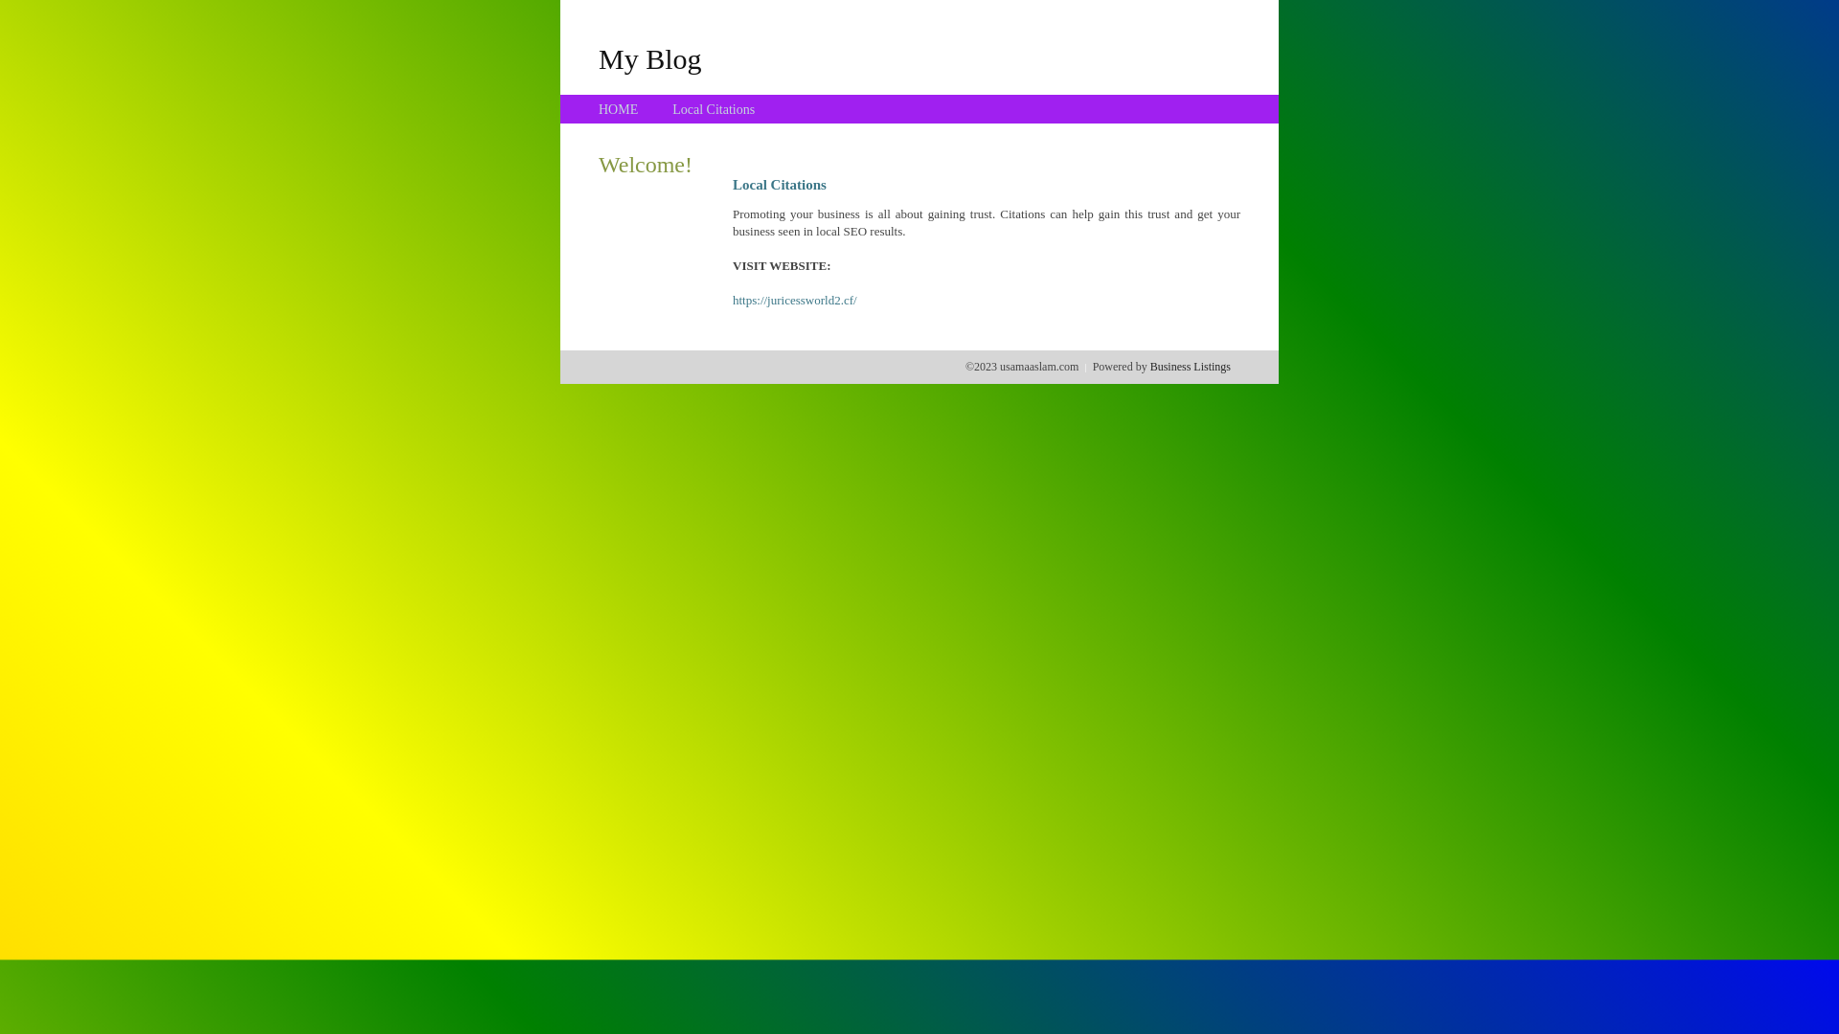 This screenshot has height=1034, width=1839. Describe the element at coordinates (671, 109) in the screenshot. I see `'Local Citations'` at that location.